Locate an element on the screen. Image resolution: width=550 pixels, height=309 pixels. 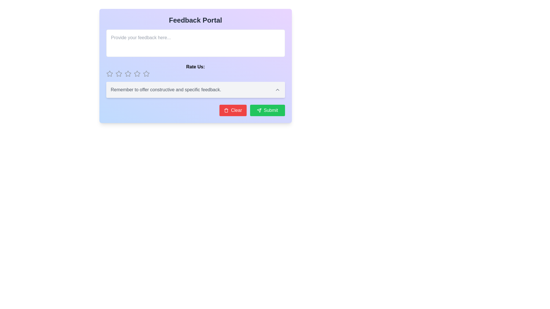
the green 'Submit' button with white text and a send icon is located at coordinates (267, 110).